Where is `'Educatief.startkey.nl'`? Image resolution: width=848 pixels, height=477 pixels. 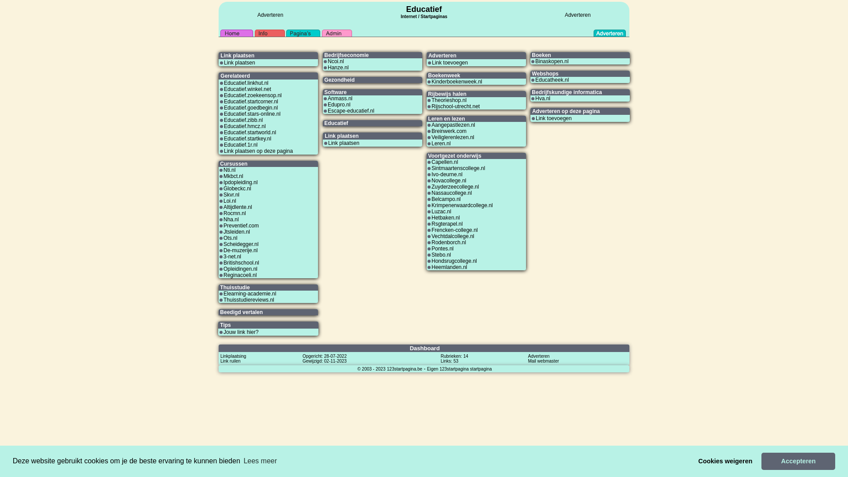
'Educatief.startkey.nl' is located at coordinates (247, 138).